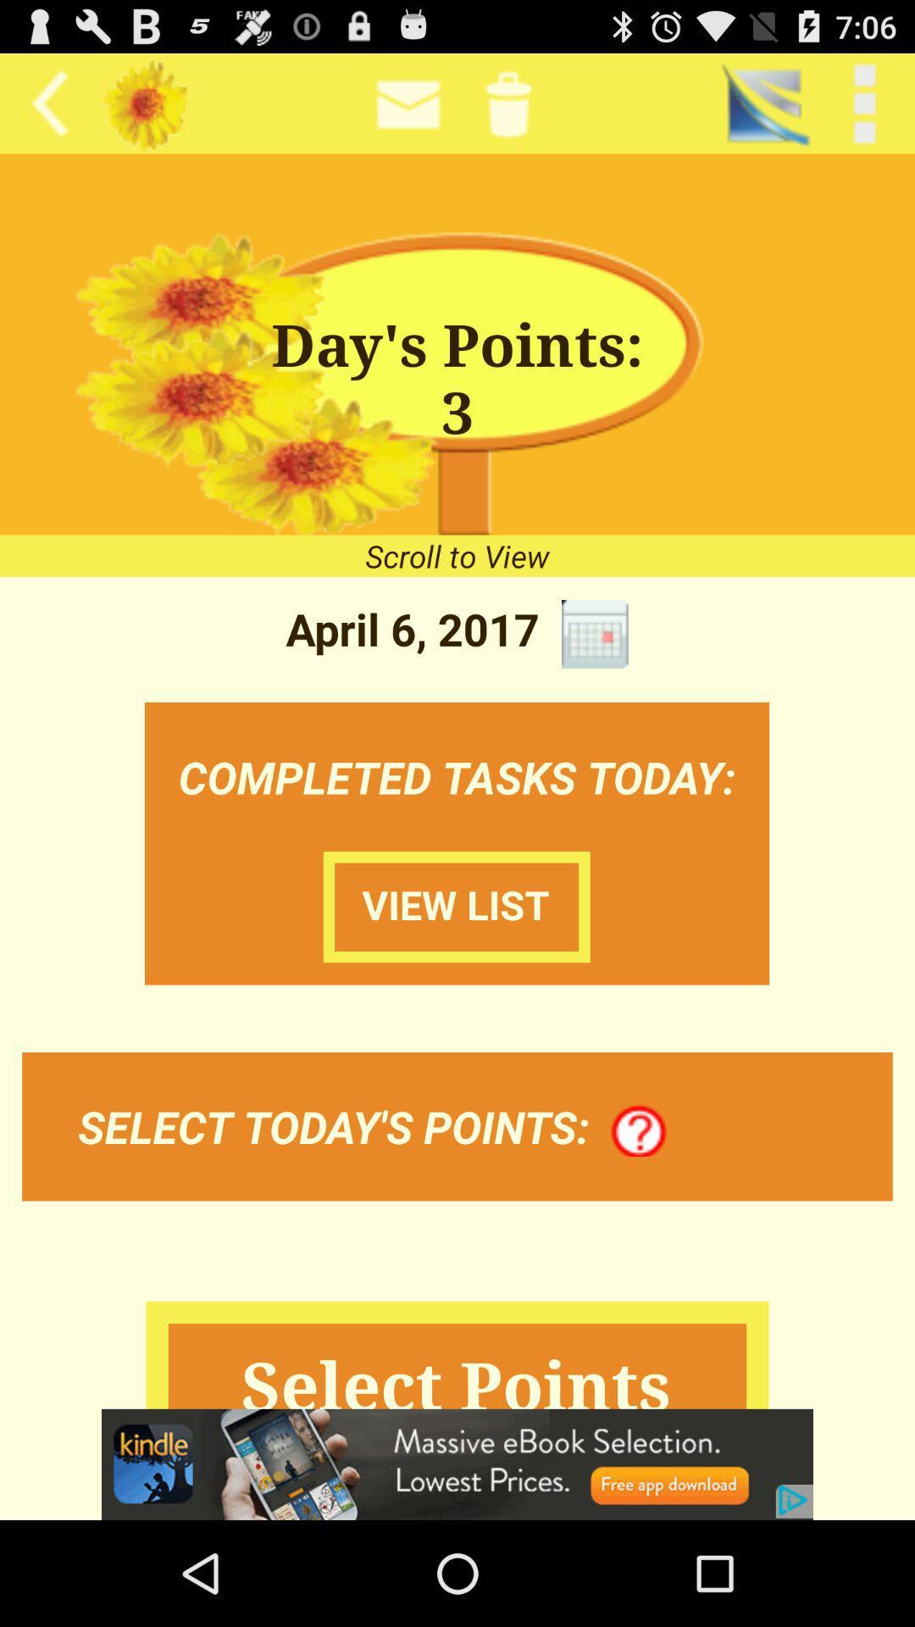  I want to click on more info, so click(639, 1131).